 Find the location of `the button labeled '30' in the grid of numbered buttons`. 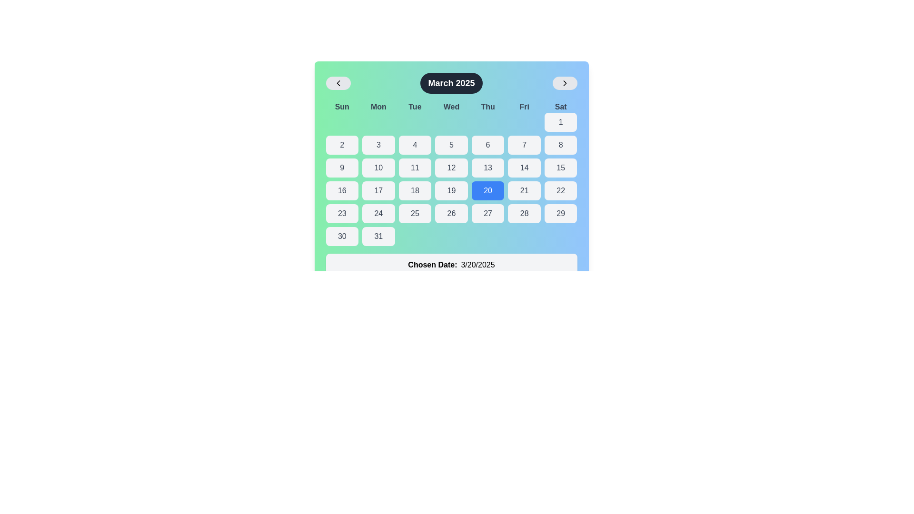

the button labeled '30' in the grid of numbered buttons is located at coordinates (342, 236).